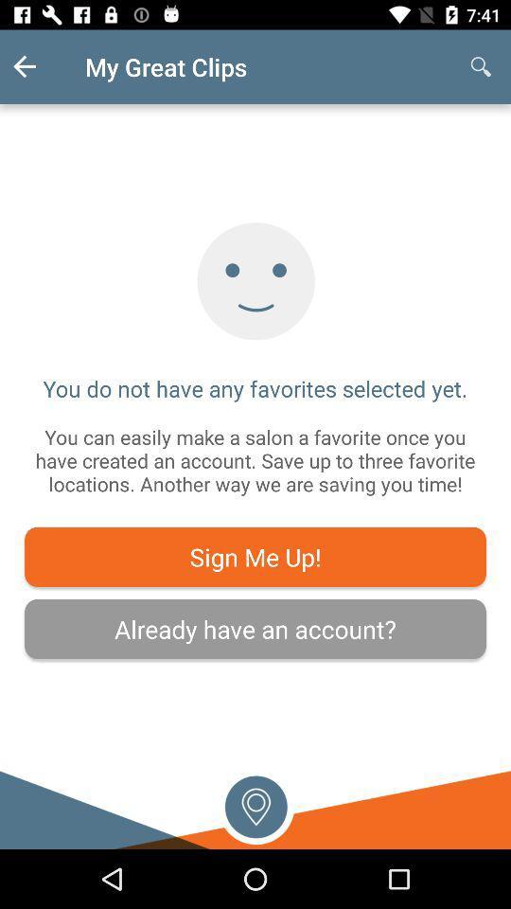 This screenshot has width=511, height=909. What do you see at coordinates (481, 66) in the screenshot?
I see `the item next to my great clips item` at bounding box center [481, 66].